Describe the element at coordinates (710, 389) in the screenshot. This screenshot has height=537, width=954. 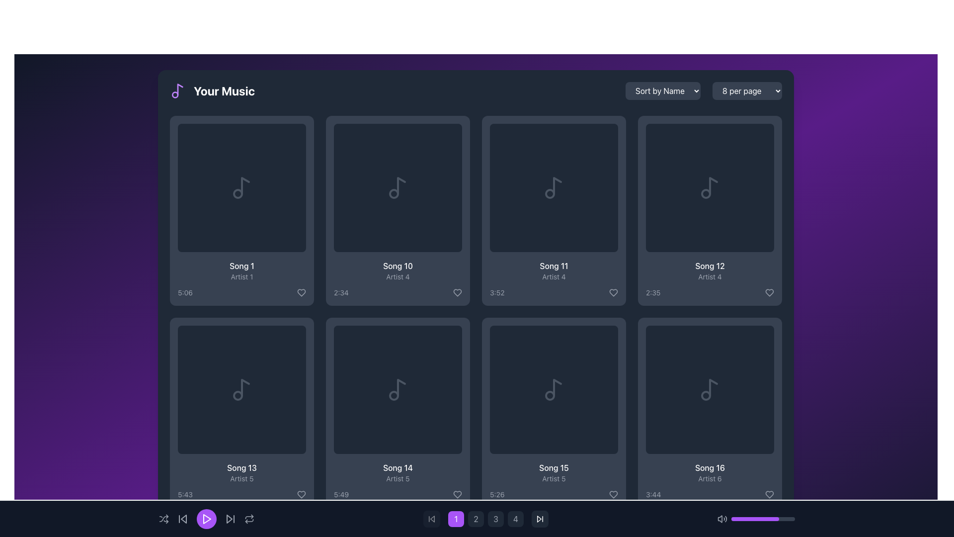
I see `the triangular play icon for 'Song 16' by 'Artist 6'` at that location.